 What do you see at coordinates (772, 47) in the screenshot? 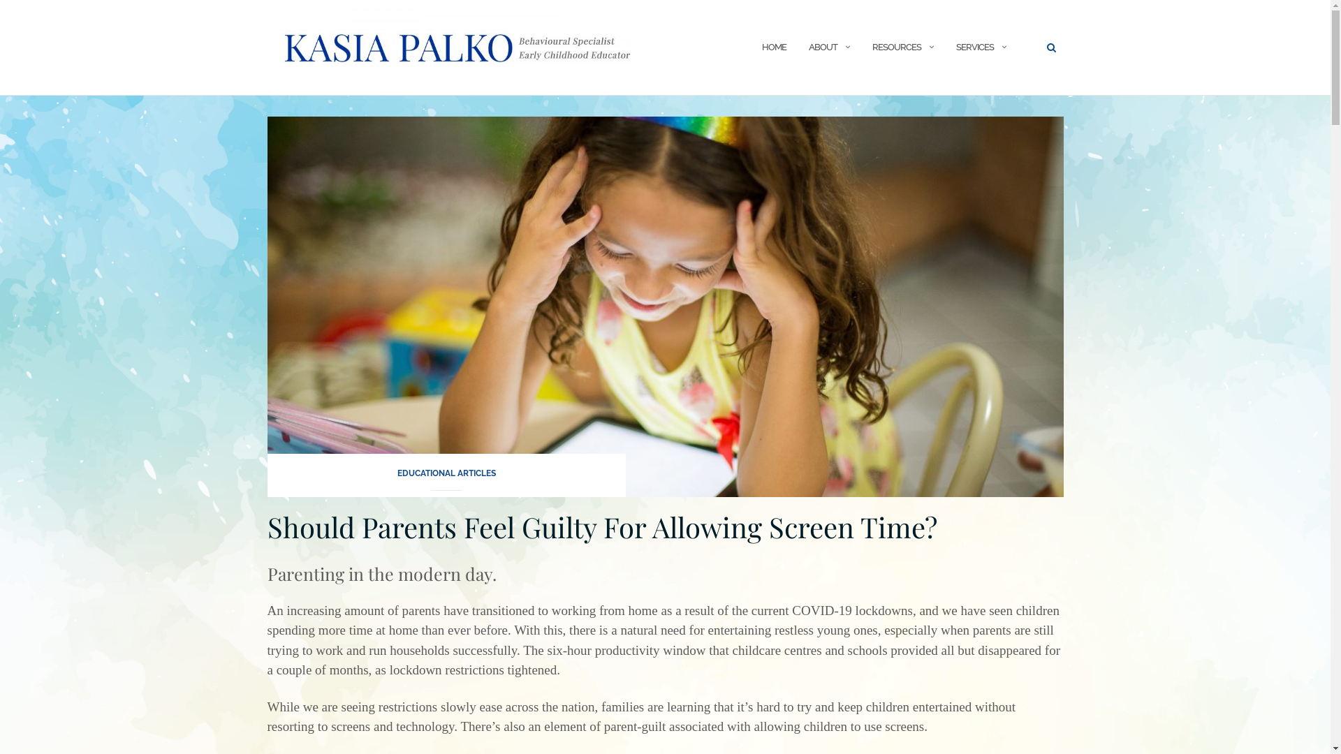
I see `'HOME'` at bounding box center [772, 47].